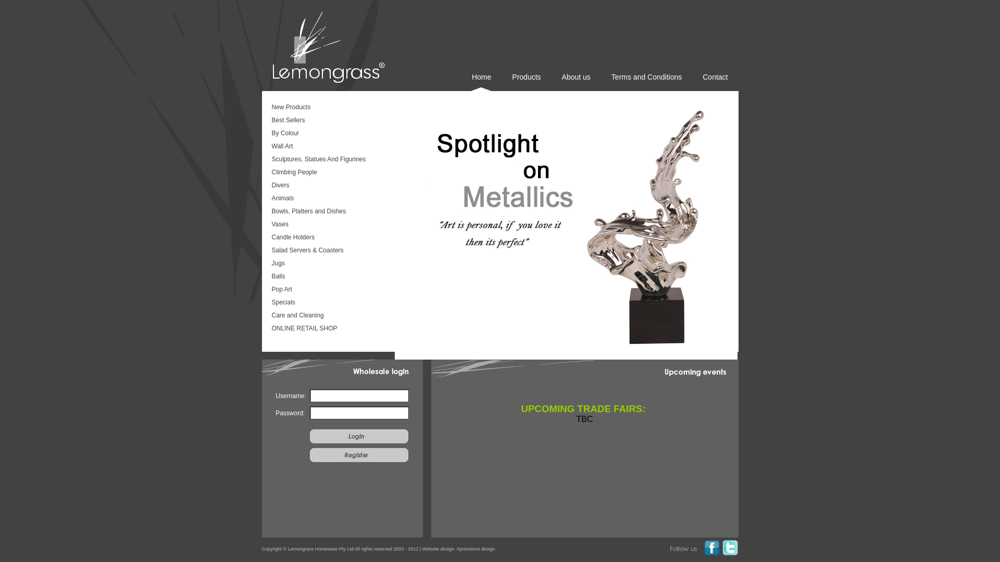  I want to click on 'Candle Holders', so click(327, 238).